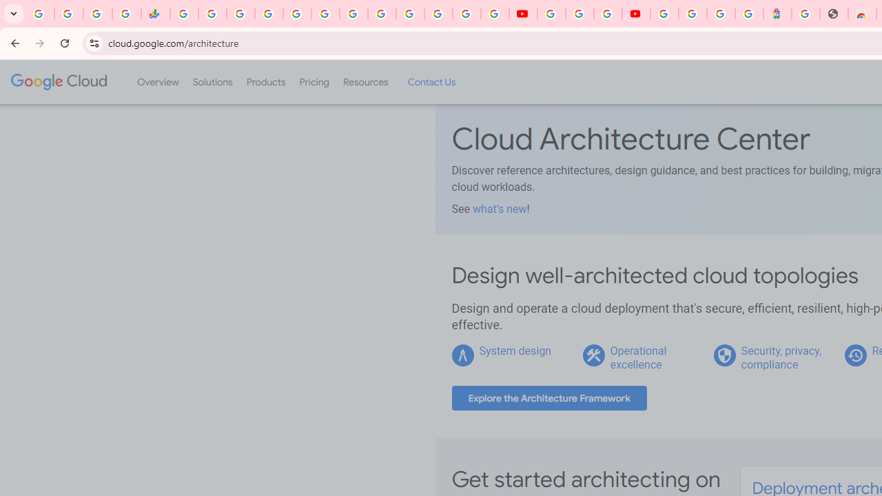 The width and height of the screenshot is (882, 496). I want to click on 'Resources', so click(365, 82).